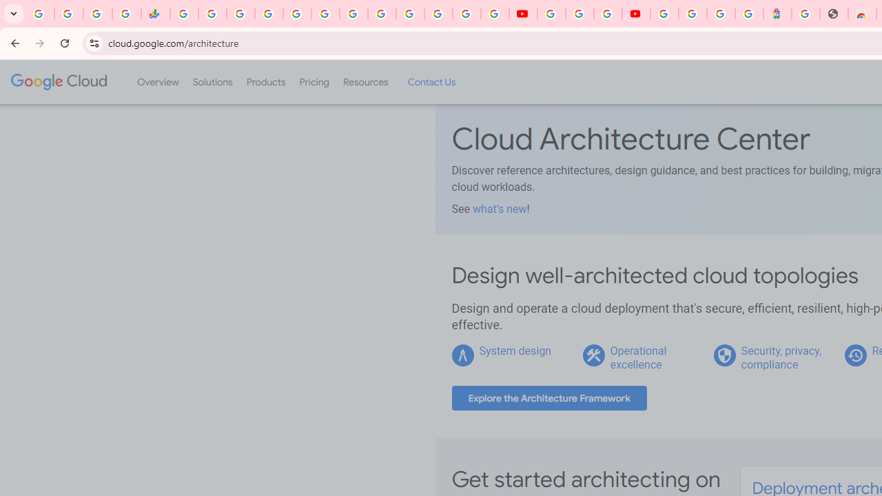 The width and height of the screenshot is (882, 496). I want to click on 'Resources', so click(365, 82).